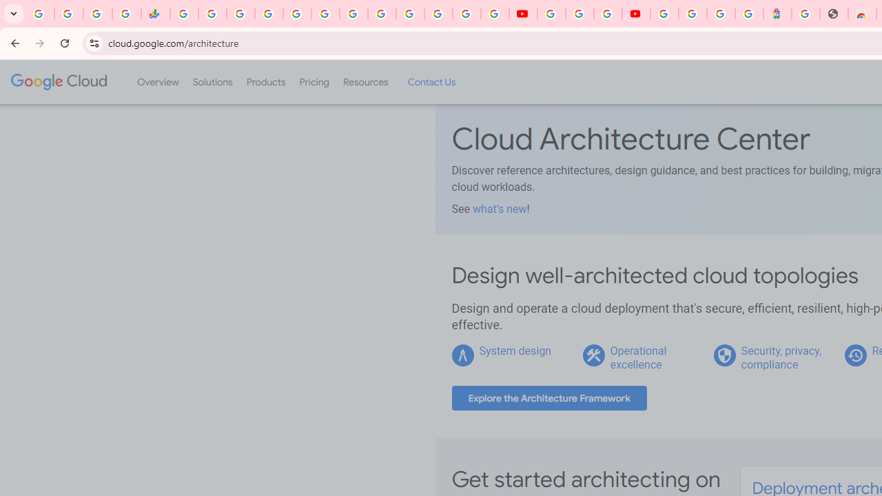 The width and height of the screenshot is (882, 496). I want to click on 'Resources', so click(365, 82).